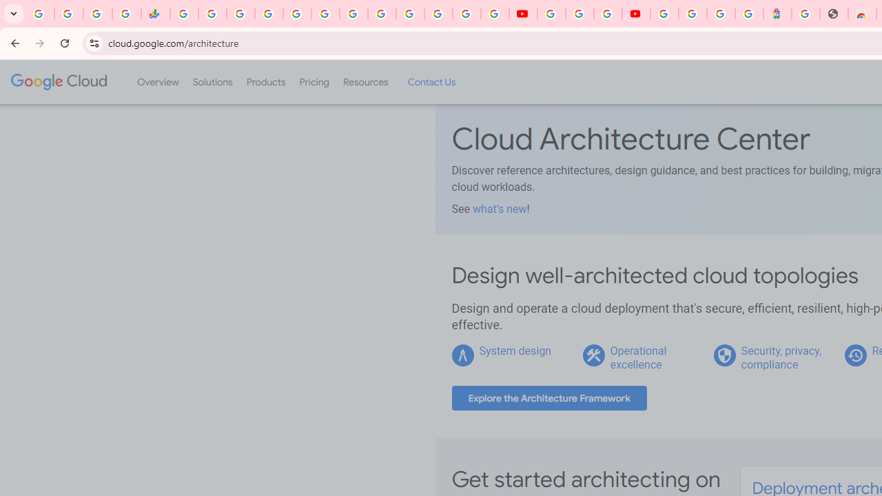 The width and height of the screenshot is (882, 496). I want to click on 'Resources', so click(365, 82).